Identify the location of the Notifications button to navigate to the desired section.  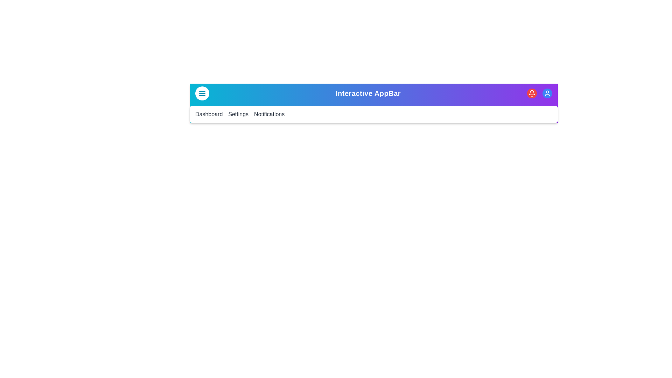
(268, 114).